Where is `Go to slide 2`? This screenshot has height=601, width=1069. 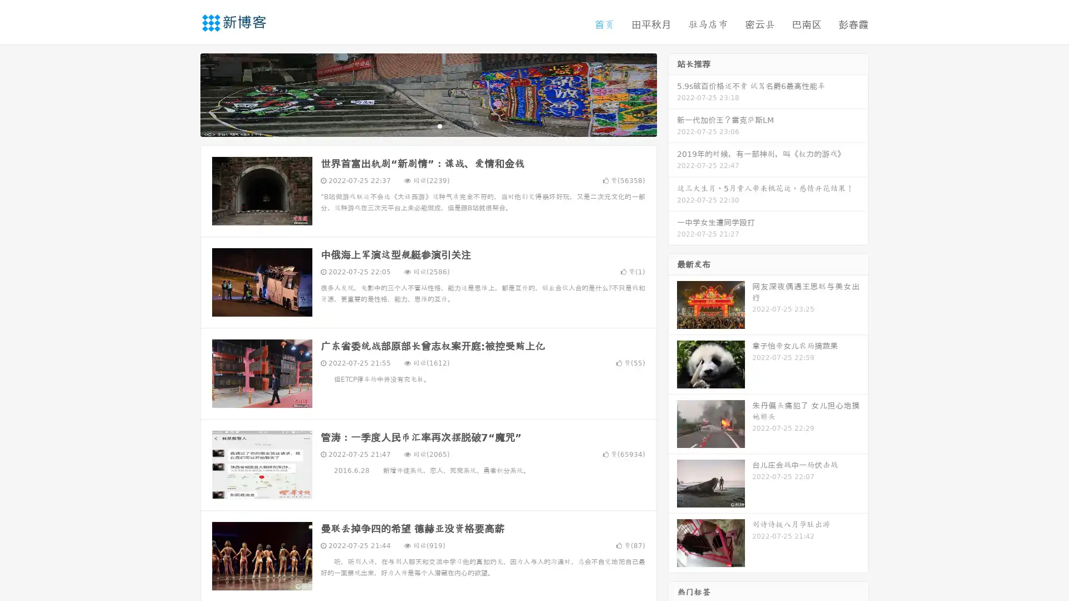
Go to slide 2 is located at coordinates (428, 125).